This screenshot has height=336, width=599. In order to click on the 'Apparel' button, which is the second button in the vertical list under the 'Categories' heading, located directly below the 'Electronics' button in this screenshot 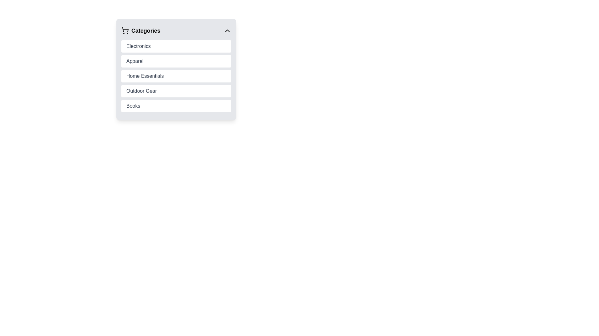, I will do `click(176, 69)`.